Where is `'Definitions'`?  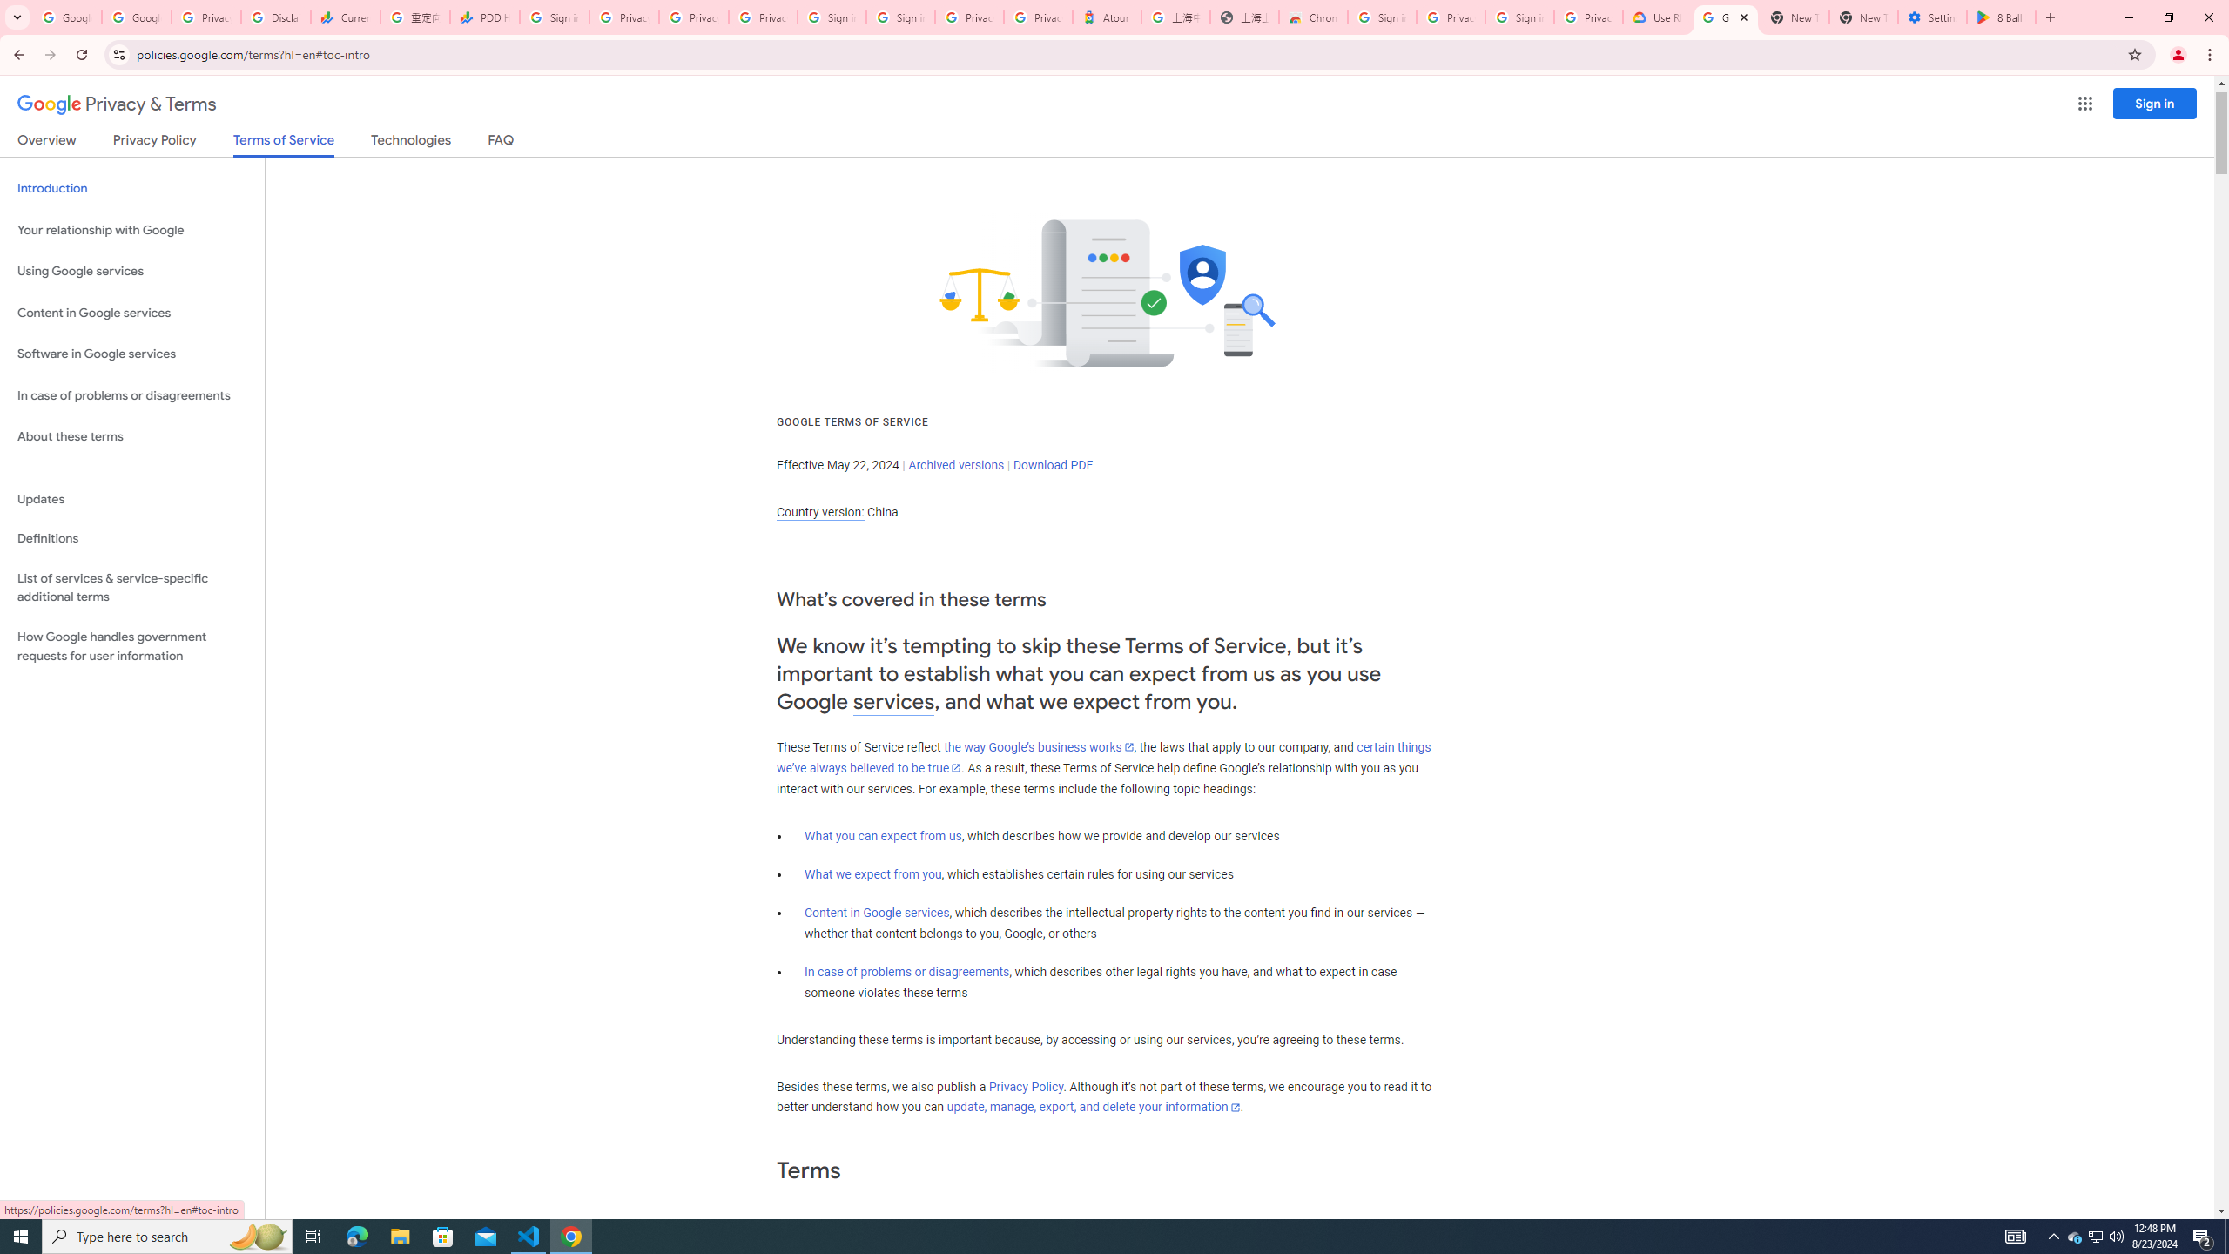
'Definitions' is located at coordinates (131, 538).